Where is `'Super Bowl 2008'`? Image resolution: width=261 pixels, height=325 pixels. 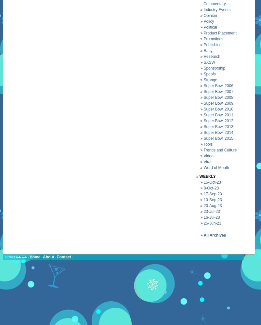 'Super Bowl 2008' is located at coordinates (218, 97).